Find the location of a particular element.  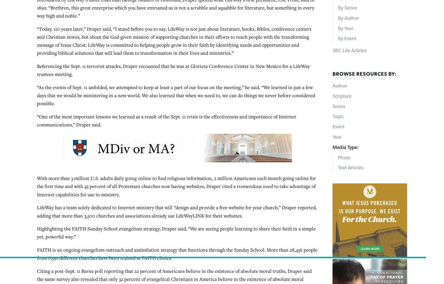

'Strategic Partnerships' is located at coordinates (157, 262).